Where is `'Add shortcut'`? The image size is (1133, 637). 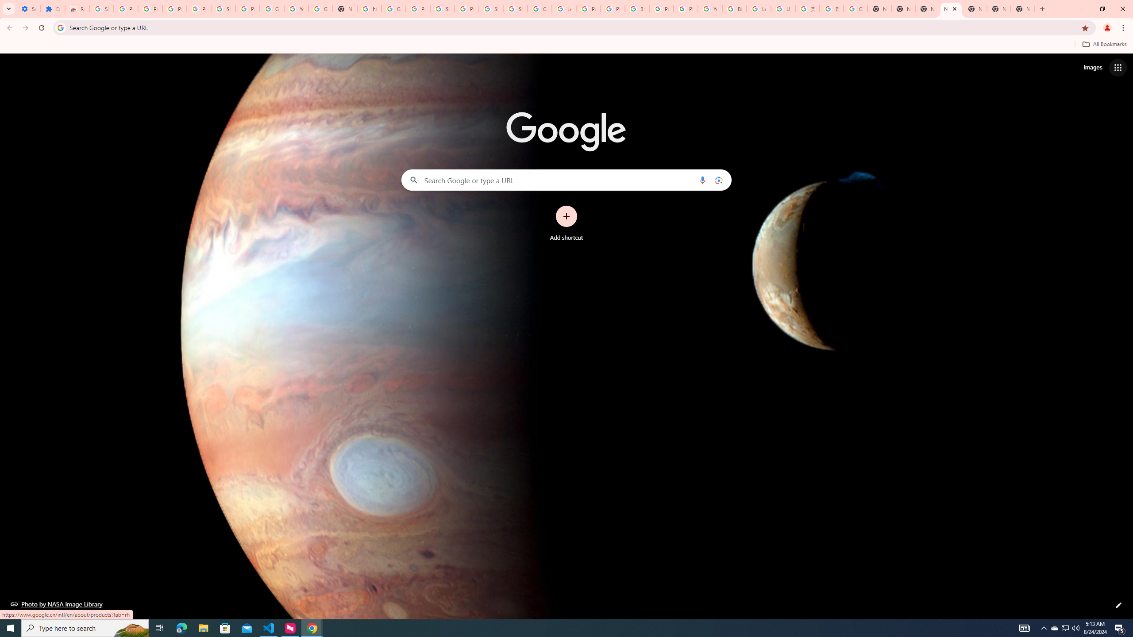 'Add shortcut' is located at coordinates (566, 223).